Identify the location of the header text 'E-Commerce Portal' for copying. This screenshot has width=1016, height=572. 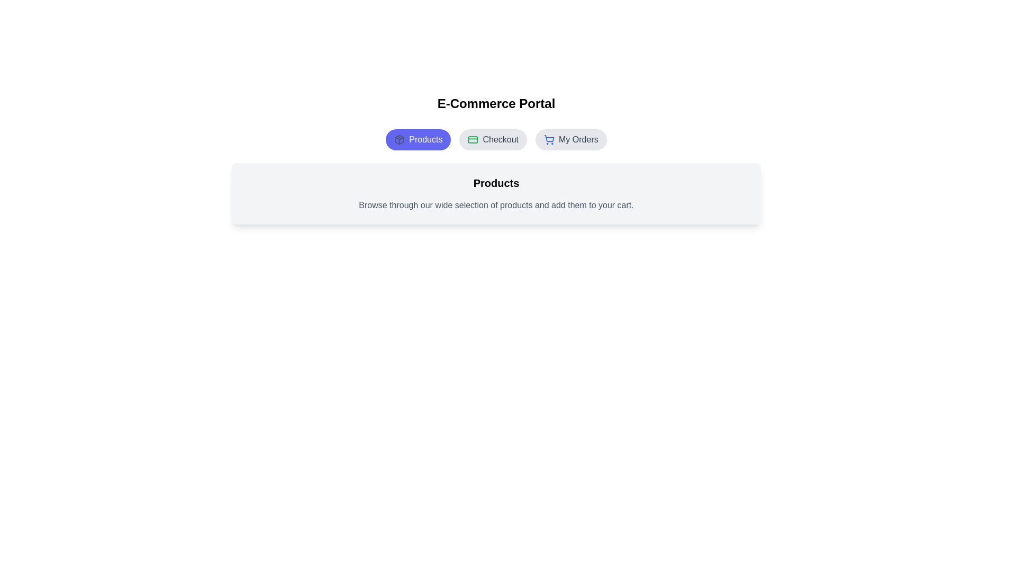
(495, 104).